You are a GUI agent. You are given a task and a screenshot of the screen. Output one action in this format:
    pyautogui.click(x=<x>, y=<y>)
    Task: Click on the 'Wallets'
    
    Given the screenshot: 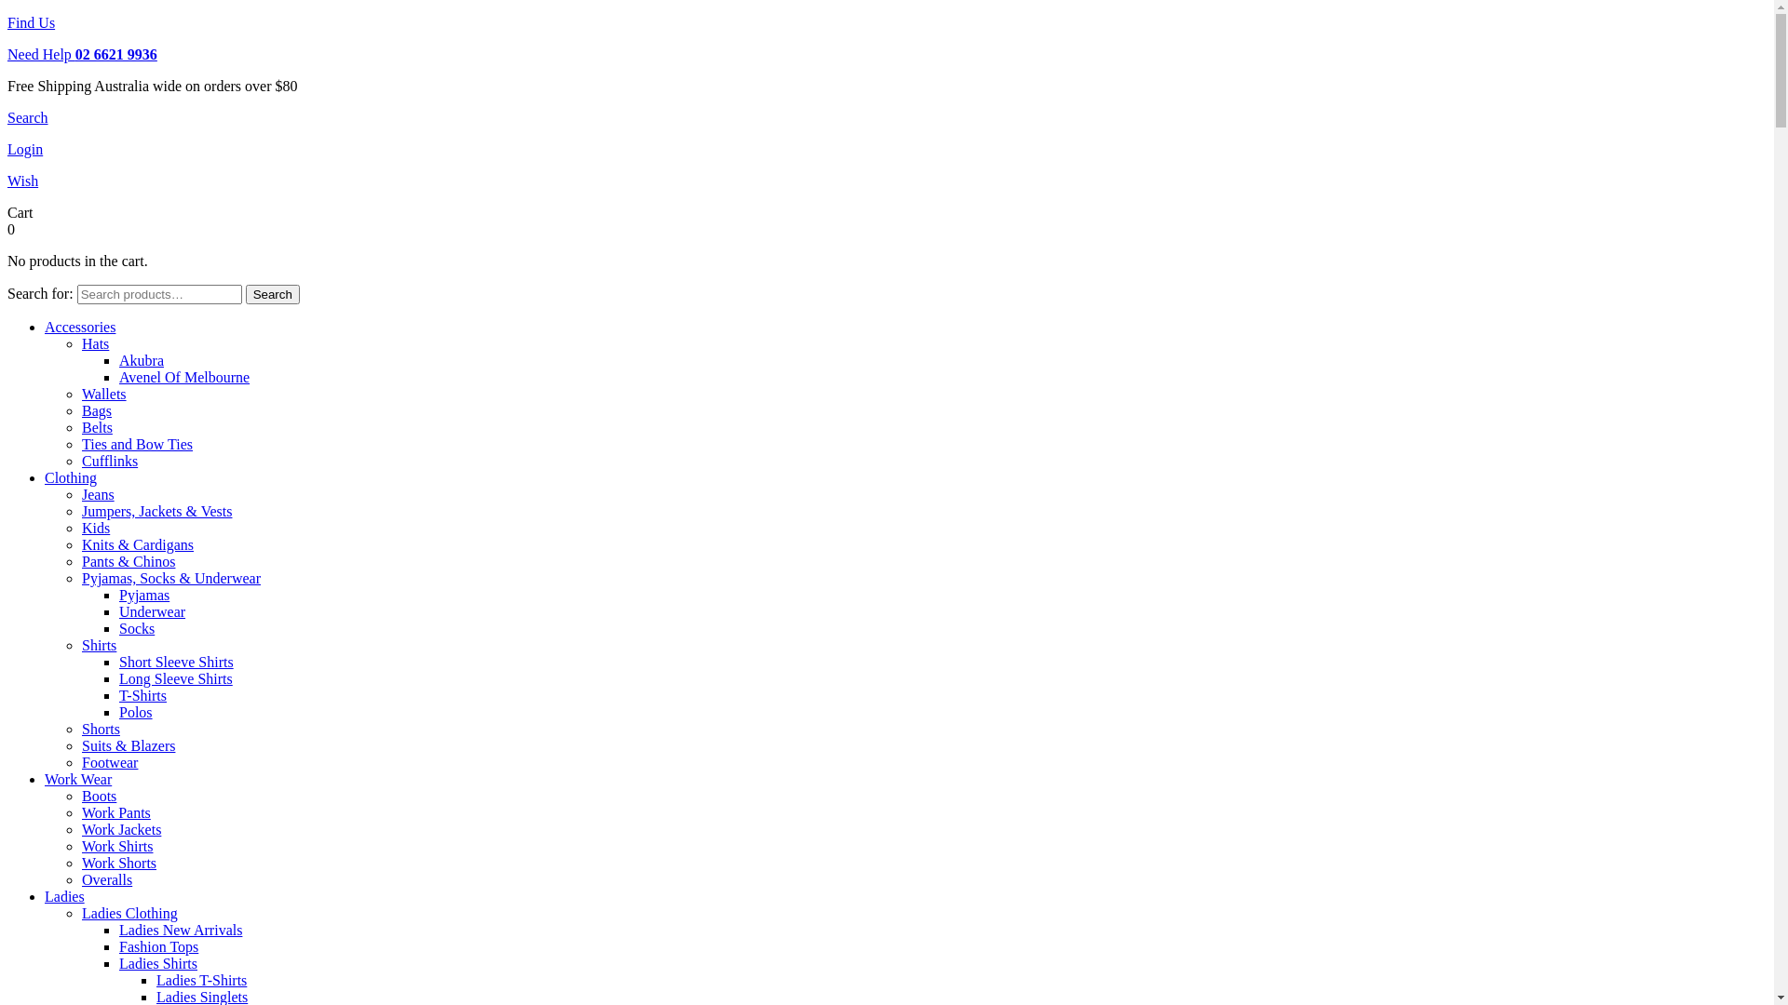 What is the action you would take?
    pyautogui.click(x=102, y=393)
    